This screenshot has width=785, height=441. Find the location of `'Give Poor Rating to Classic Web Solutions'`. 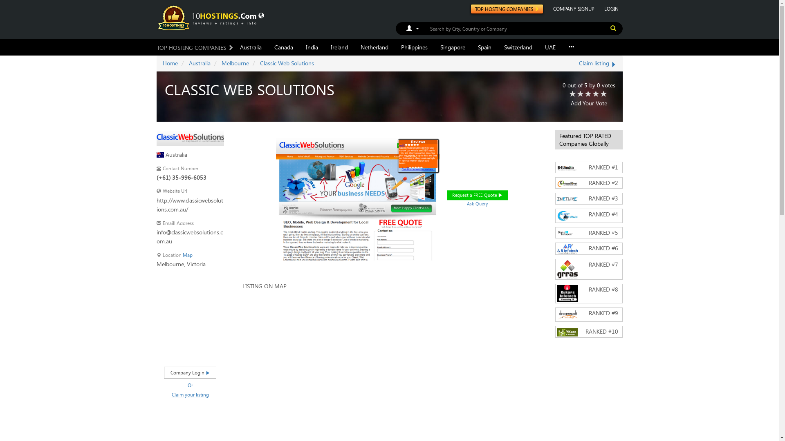

'Give Poor Rating to Classic Web Solutions' is located at coordinates (572, 94).